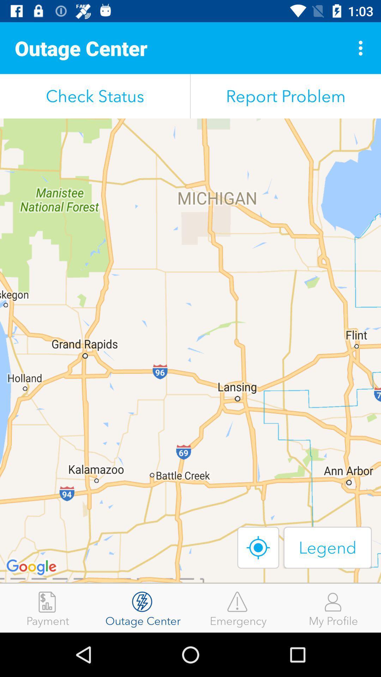 This screenshot has height=677, width=381. I want to click on the check status, so click(95, 96).